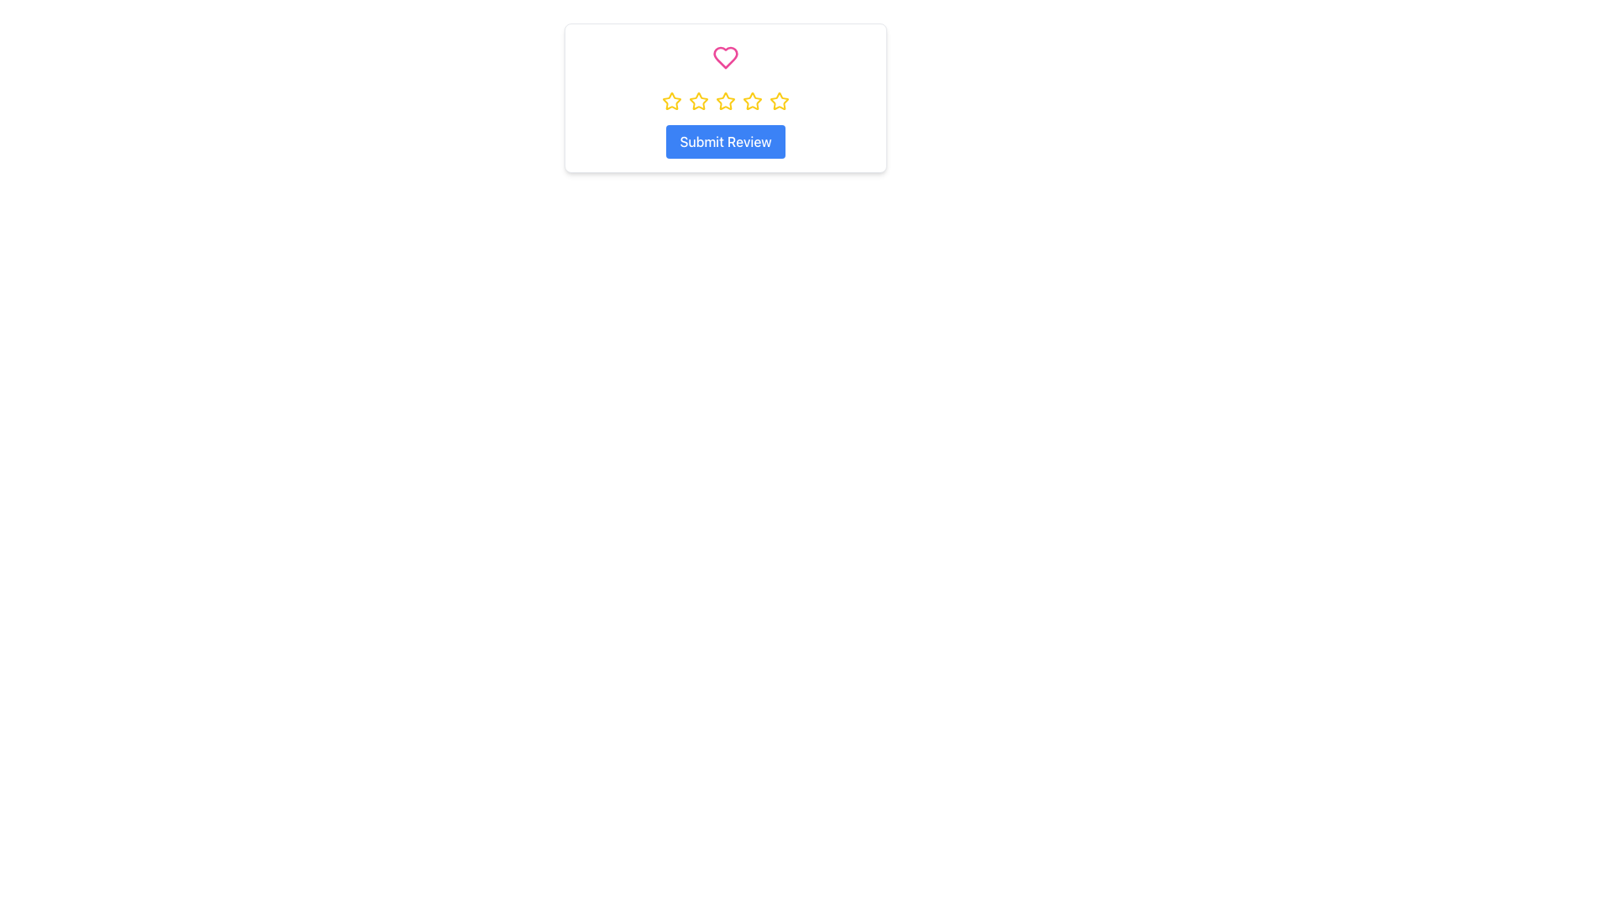 The width and height of the screenshot is (1613, 907). Describe the element at coordinates (726, 97) in the screenshot. I see `the middle star in a horizontal list of five star icons, which represents a selectable rating option` at that location.